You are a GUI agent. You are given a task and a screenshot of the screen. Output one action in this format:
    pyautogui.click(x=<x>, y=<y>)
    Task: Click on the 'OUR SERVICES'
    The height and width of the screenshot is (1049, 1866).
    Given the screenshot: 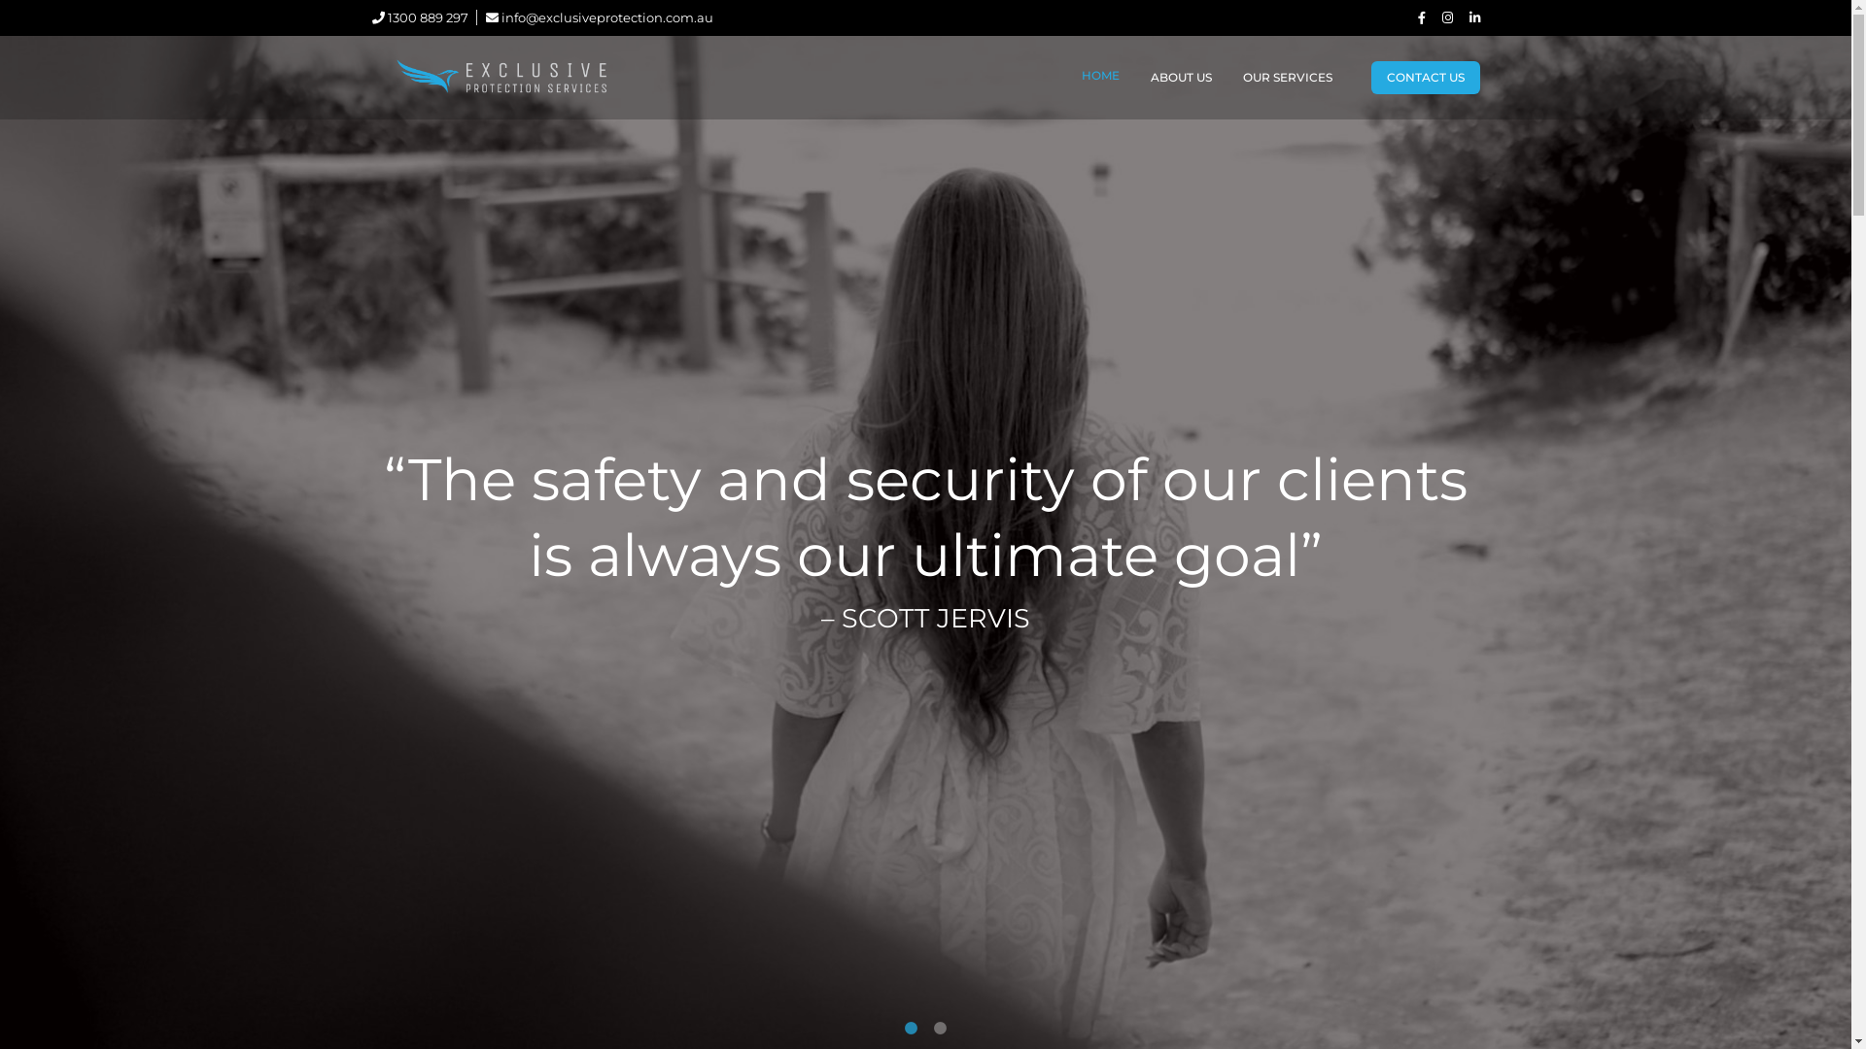 What is the action you would take?
    pyautogui.click(x=1287, y=77)
    